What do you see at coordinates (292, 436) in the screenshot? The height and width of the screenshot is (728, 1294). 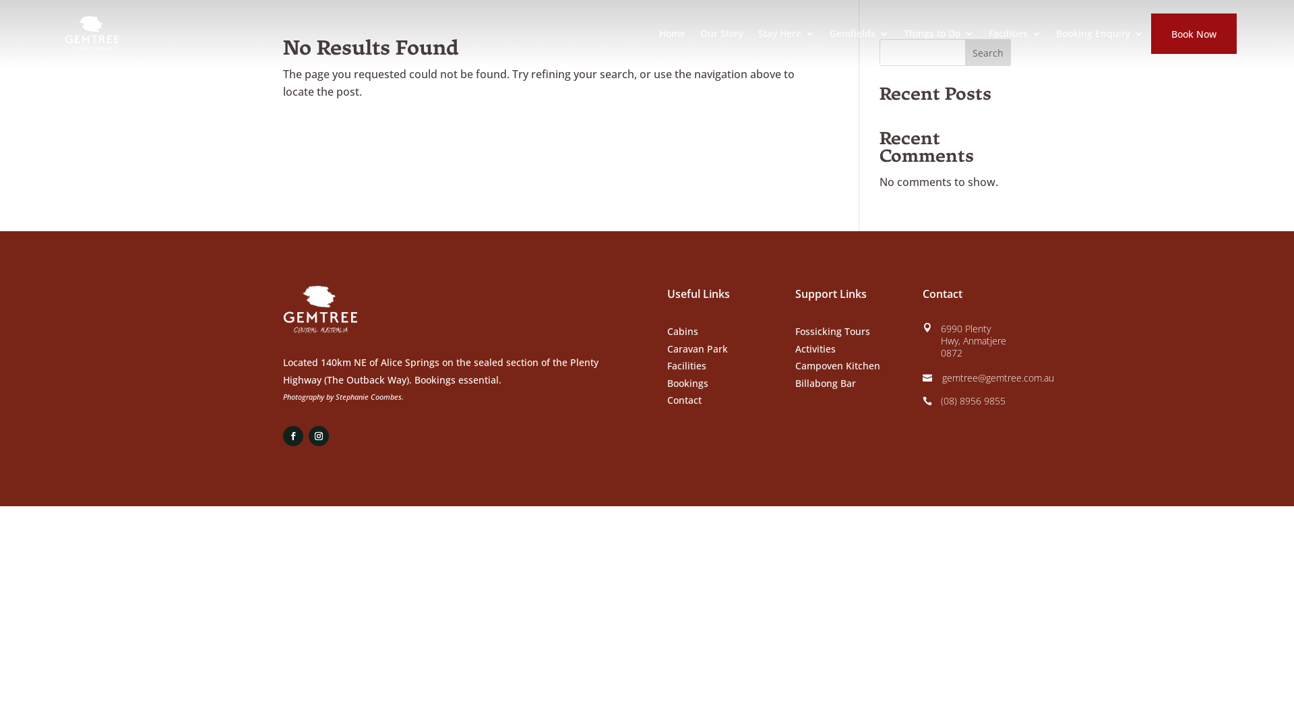 I see `'Follow on Facebook'` at bounding box center [292, 436].